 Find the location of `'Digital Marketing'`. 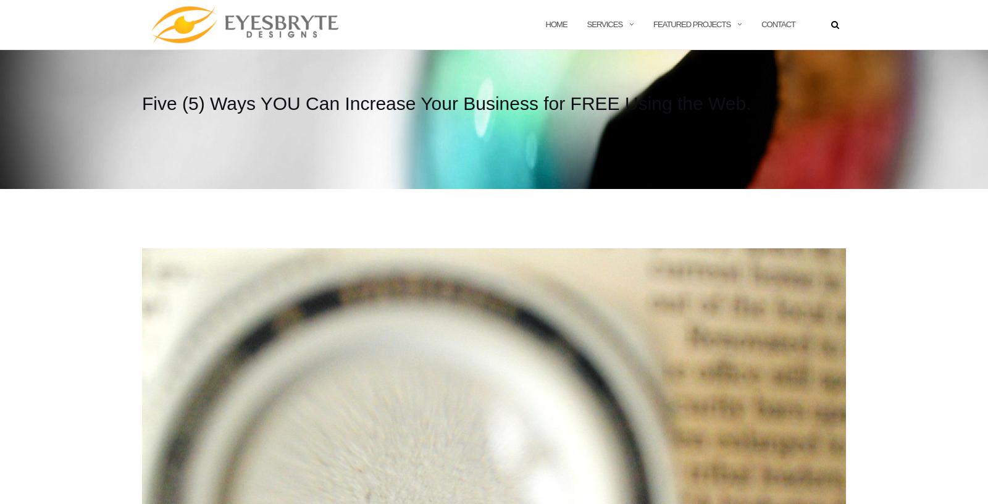

'Digital Marketing' is located at coordinates (601, 57).